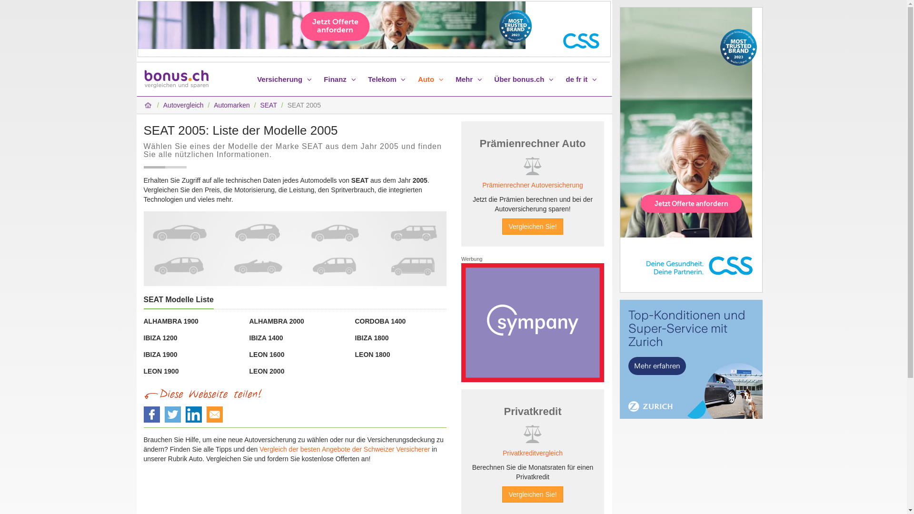 The height and width of the screenshot is (514, 914). I want to click on 'Mehr', so click(470, 79).